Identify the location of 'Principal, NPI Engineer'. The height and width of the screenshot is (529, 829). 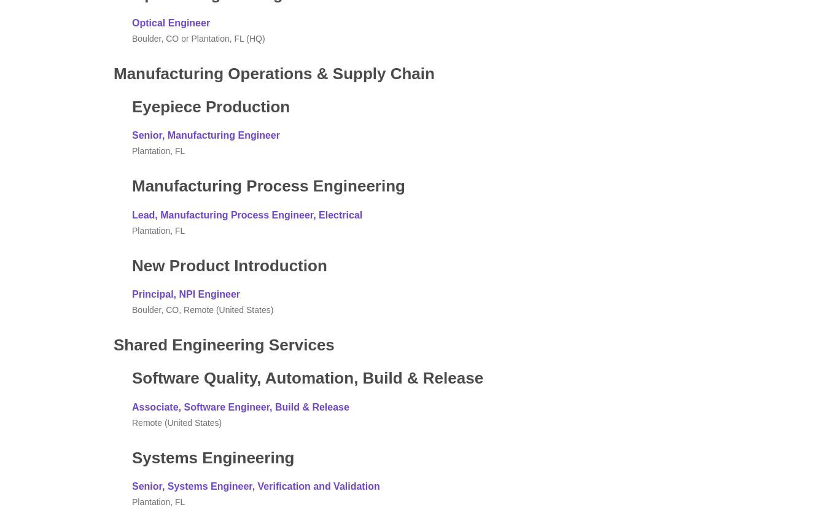
(132, 293).